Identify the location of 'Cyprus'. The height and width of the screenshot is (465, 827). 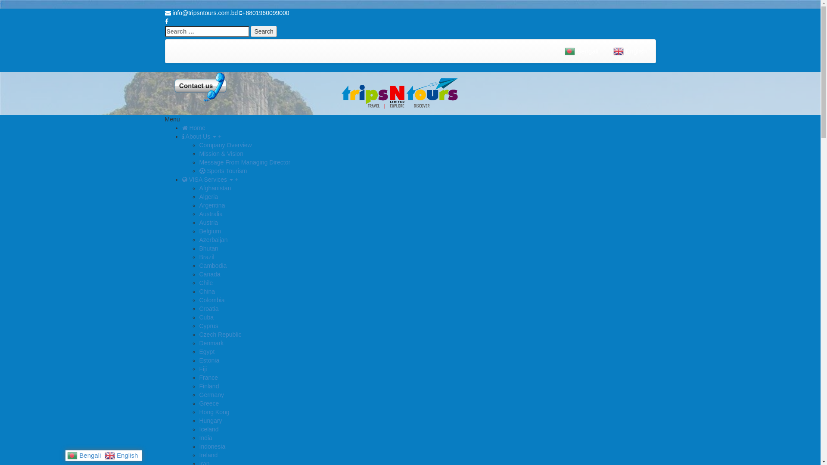
(208, 325).